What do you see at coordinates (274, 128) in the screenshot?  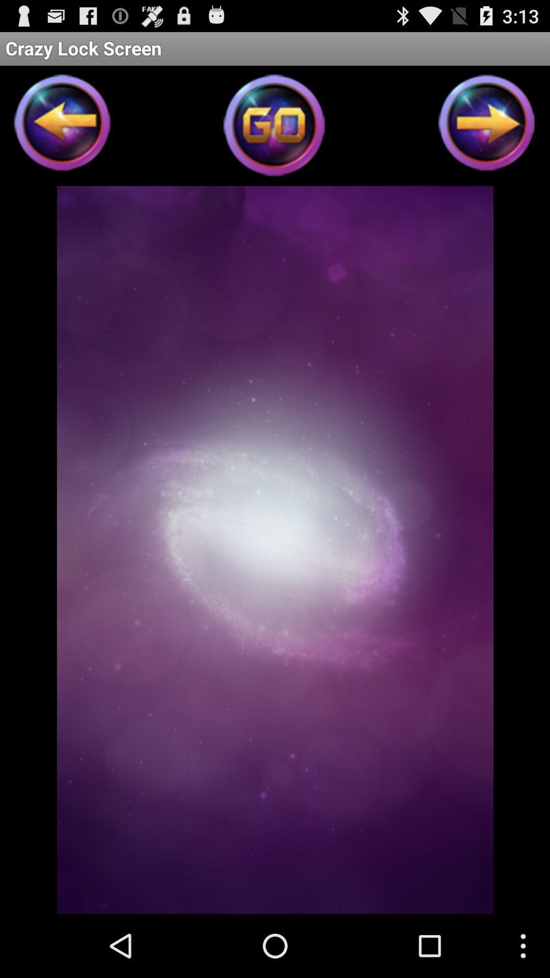 I see `go` at bounding box center [274, 128].